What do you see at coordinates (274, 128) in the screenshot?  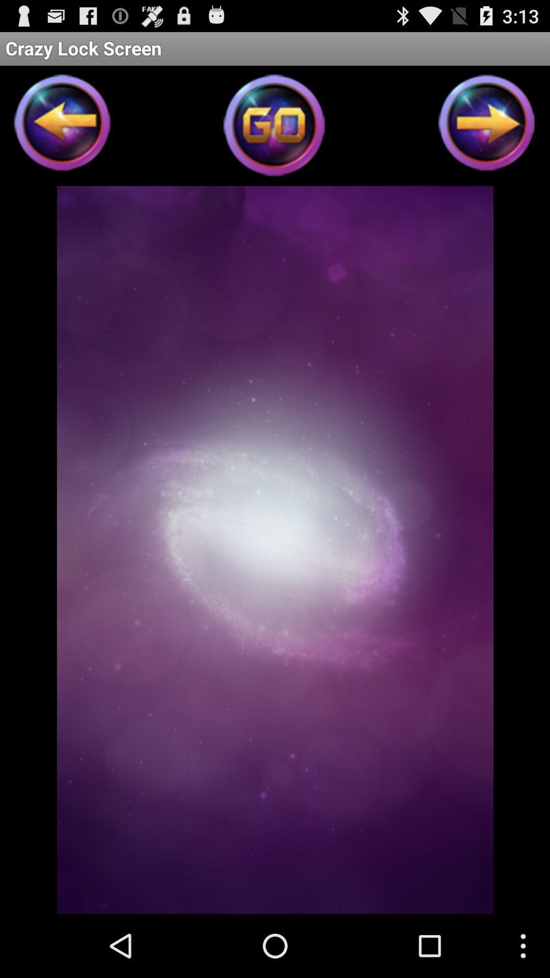 I see `go` at bounding box center [274, 128].